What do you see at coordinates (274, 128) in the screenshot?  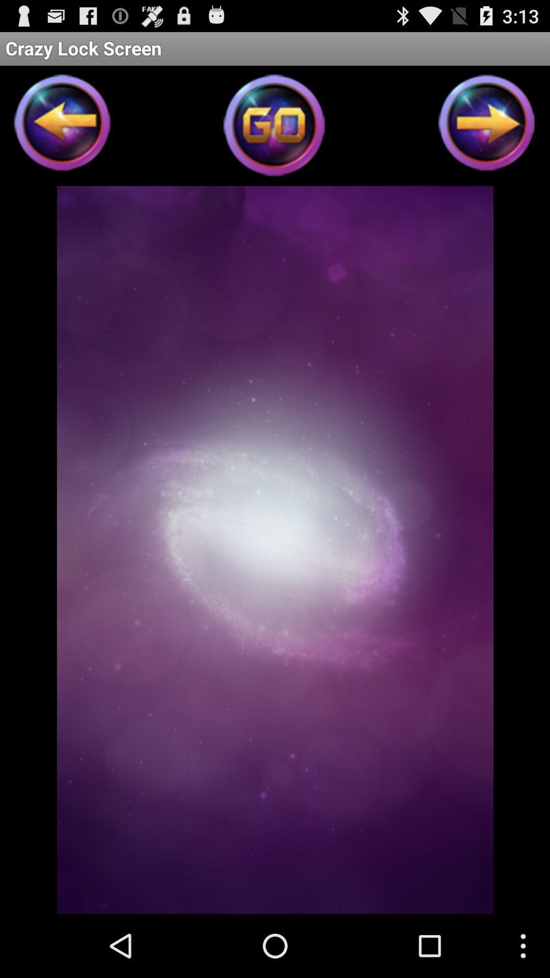 I see `go` at bounding box center [274, 128].